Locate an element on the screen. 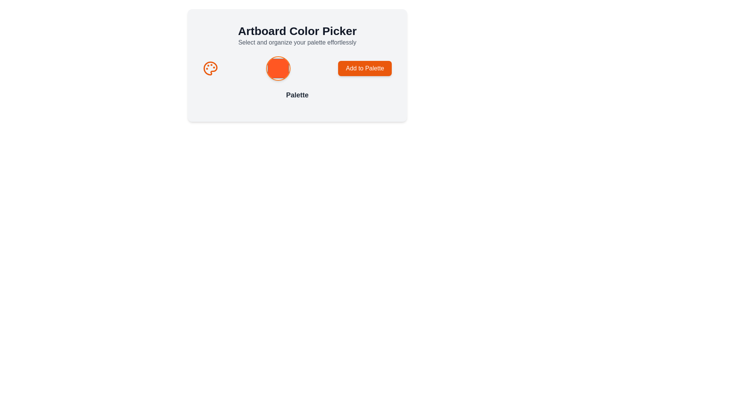  the circle-shaped color selector that signifies the chosen bright orange color is located at coordinates (278, 68).